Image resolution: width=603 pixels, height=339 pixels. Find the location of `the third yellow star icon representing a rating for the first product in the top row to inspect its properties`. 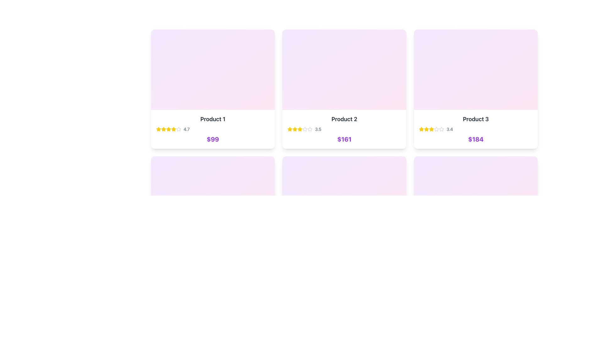

the third yellow star icon representing a rating for the first product in the top row to inspect its properties is located at coordinates (173, 129).